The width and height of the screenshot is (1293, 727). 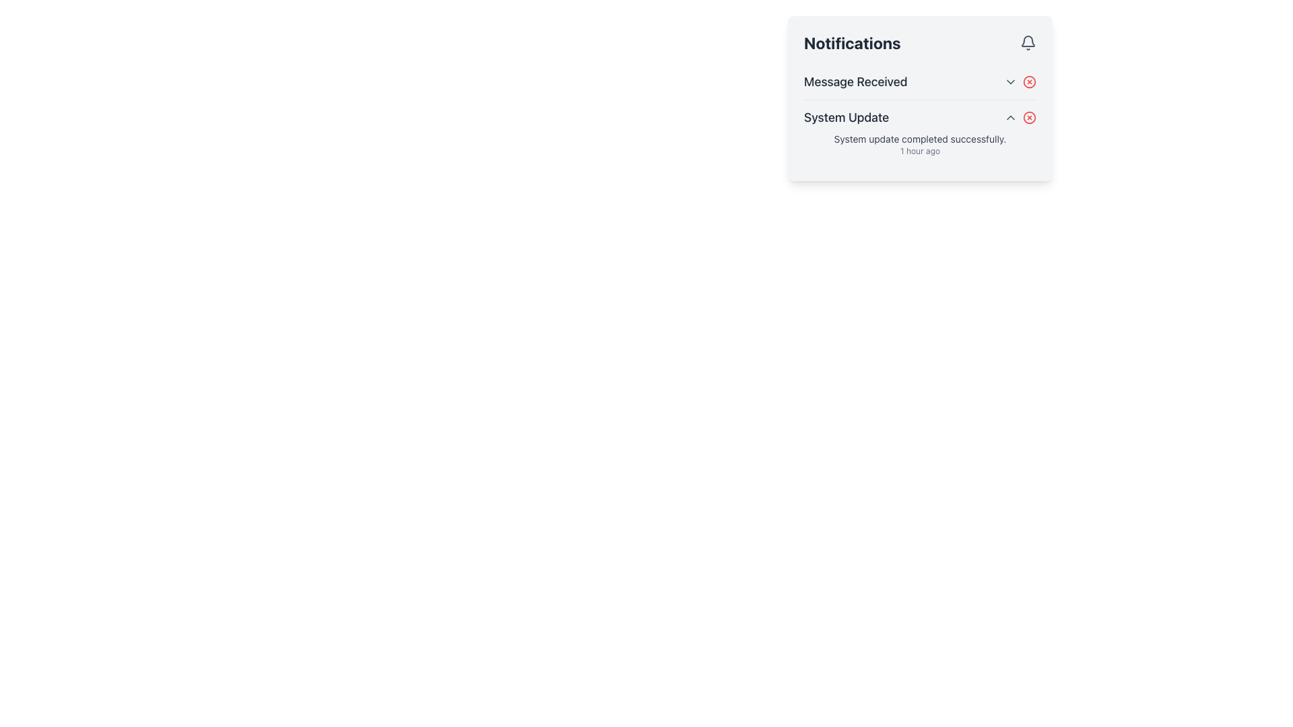 I want to click on the dismiss button located on the right-hand side of the 'System Update' notification in the 'Notifications' panel, so click(x=1029, y=116).